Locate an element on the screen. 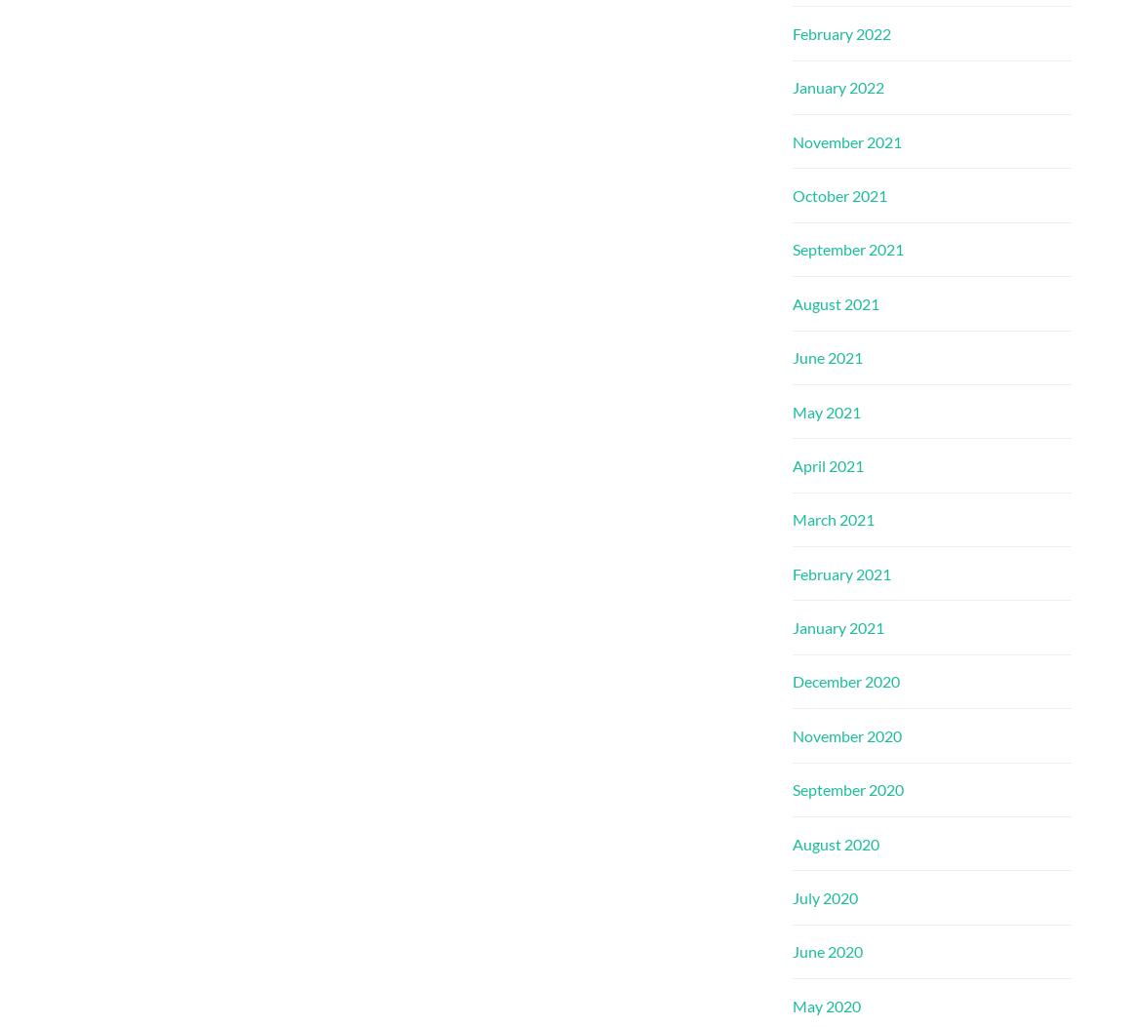  'November 2020' is located at coordinates (845, 733).